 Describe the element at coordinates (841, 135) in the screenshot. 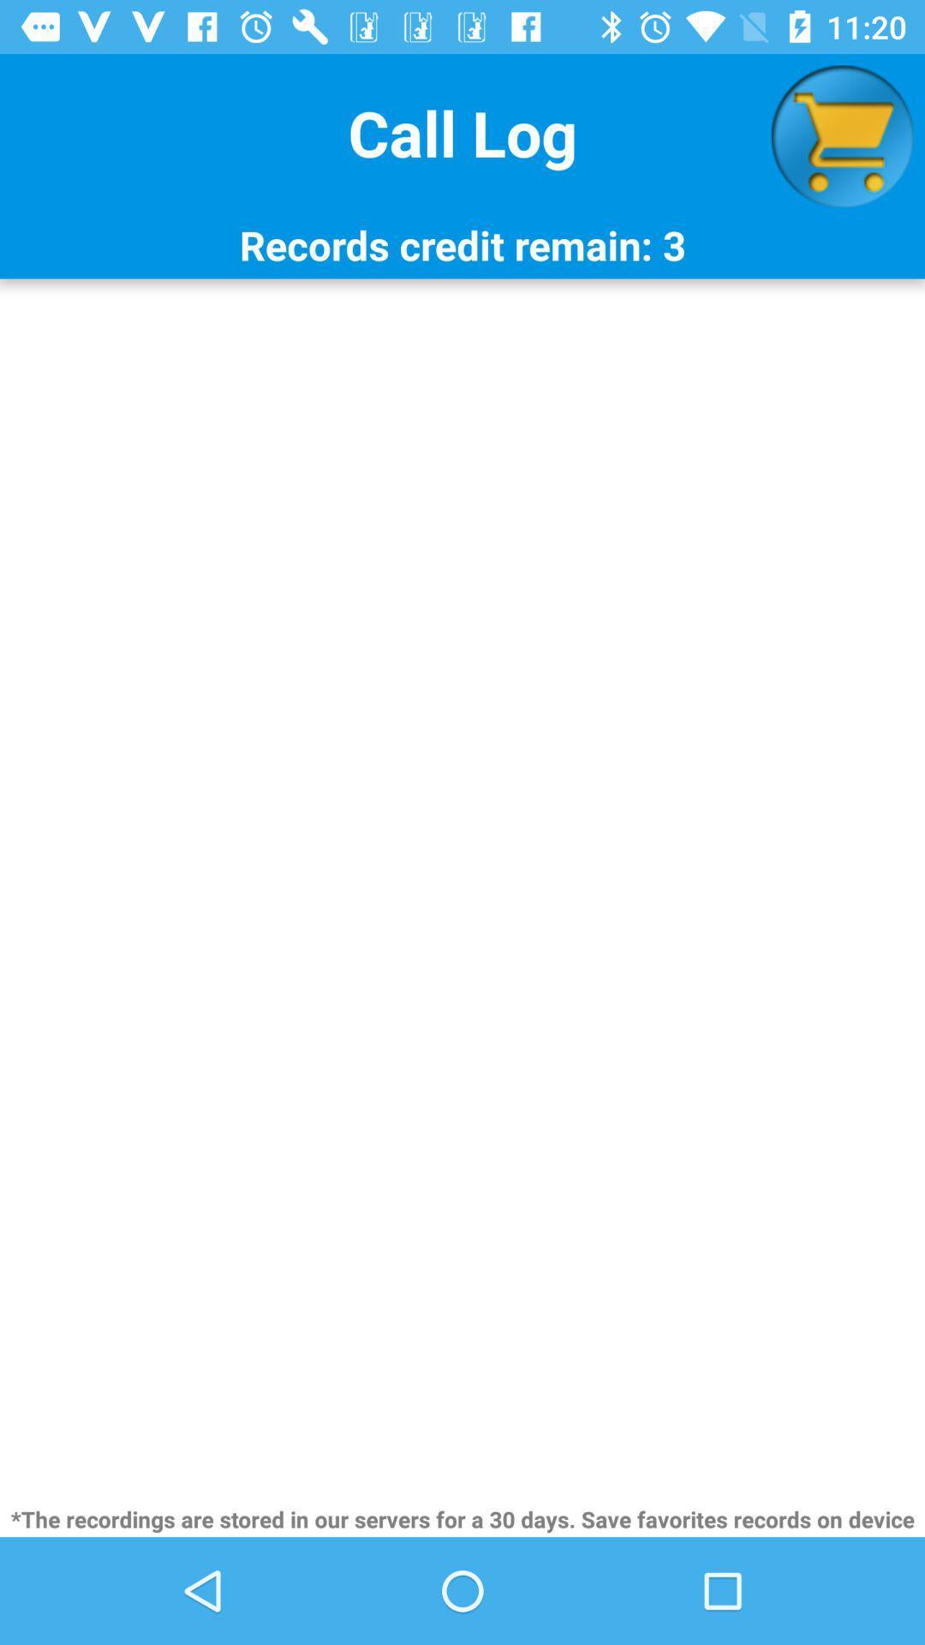

I see `icon at the top right corner` at that location.